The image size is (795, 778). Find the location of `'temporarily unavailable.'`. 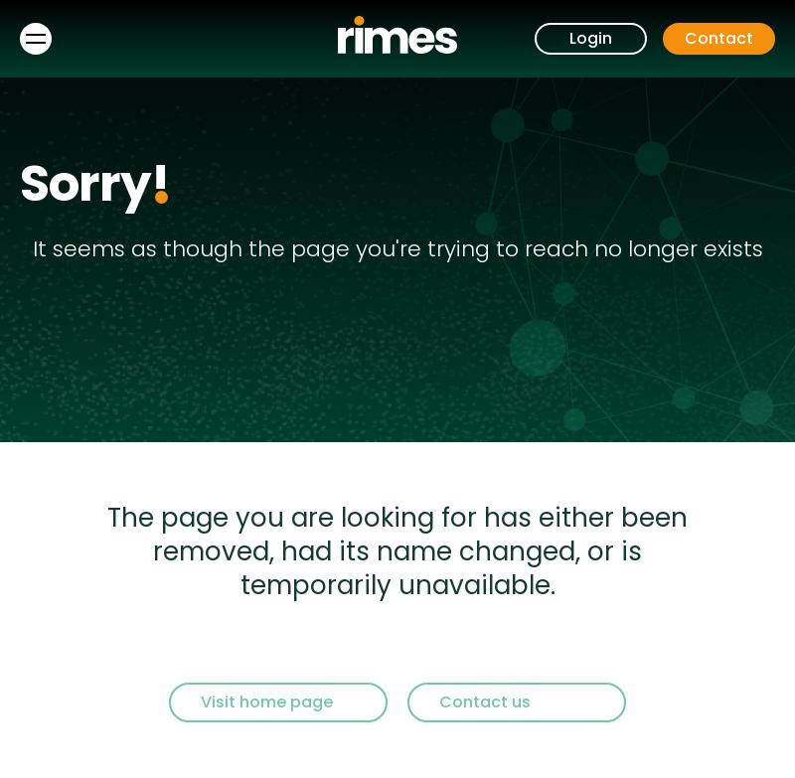

'temporarily unavailable.' is located at coordinates (238, 583).